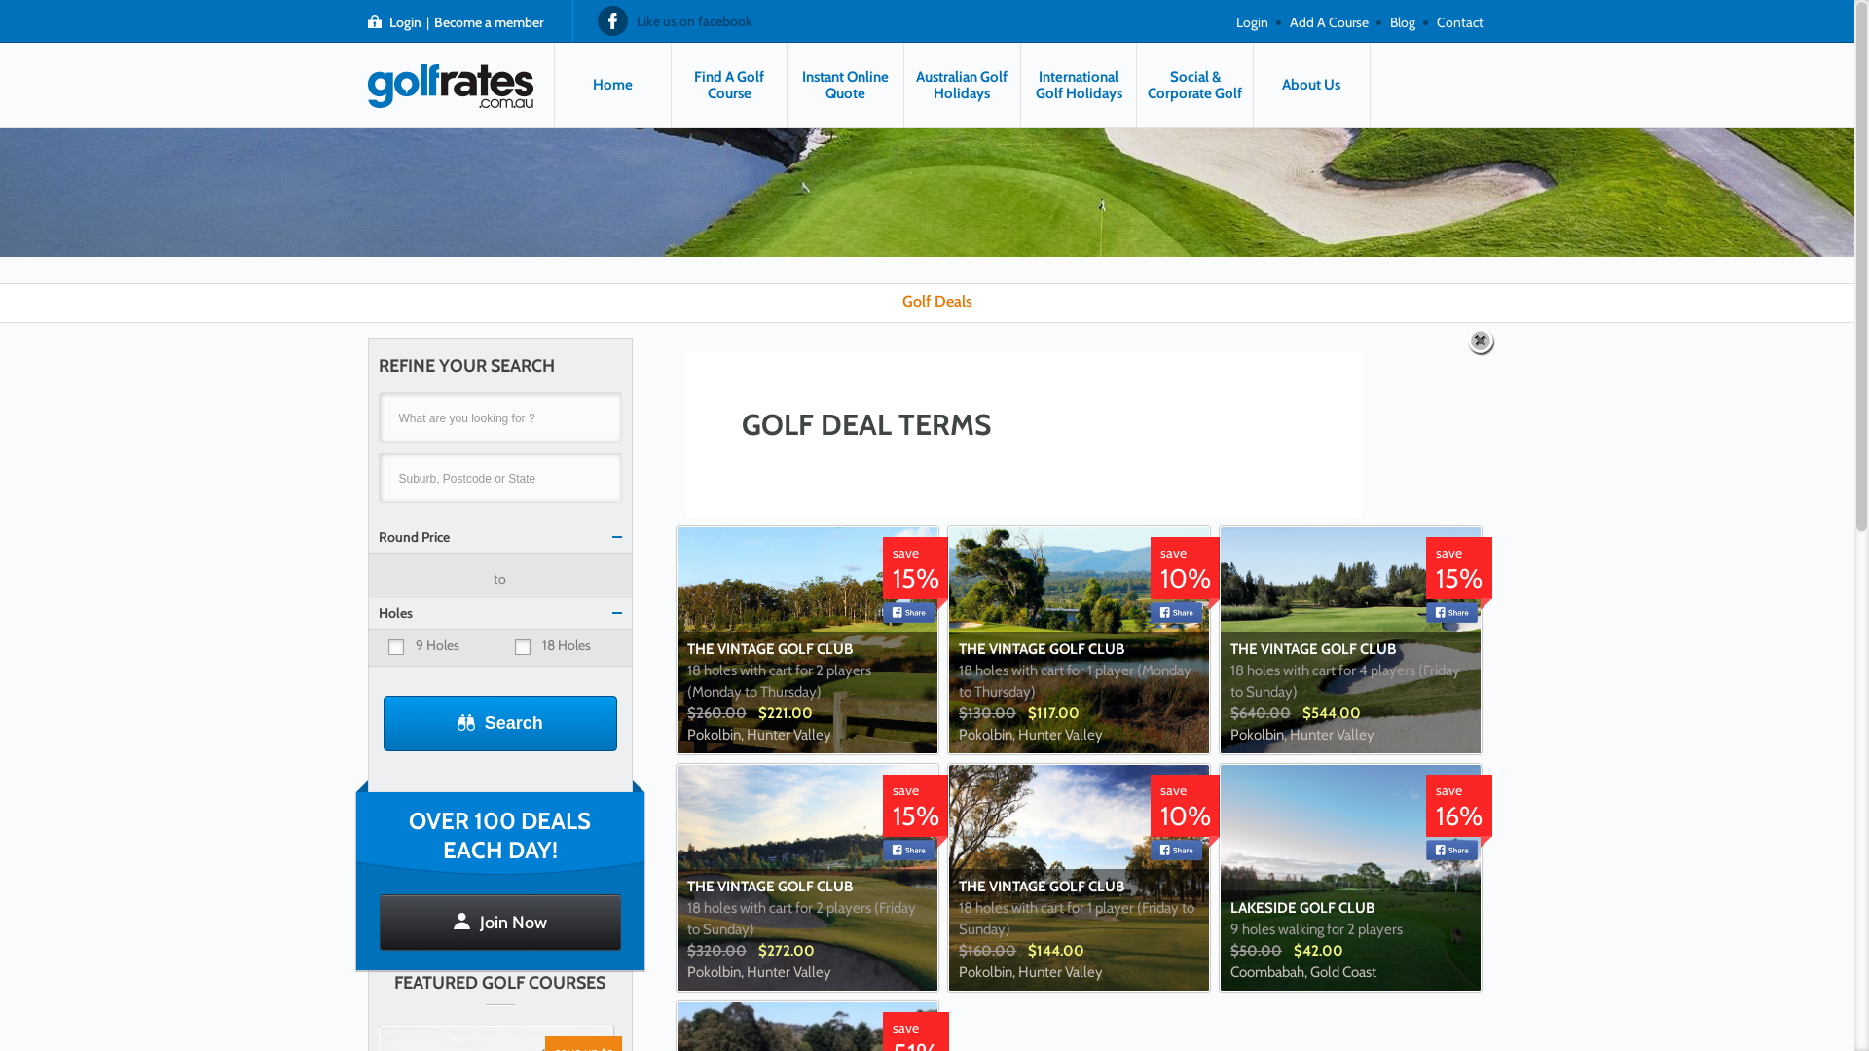  What do you see at coordinates (1327, 19) in the screenshot?
I see `'Add A Course'` at bounding box center [1327, 19].